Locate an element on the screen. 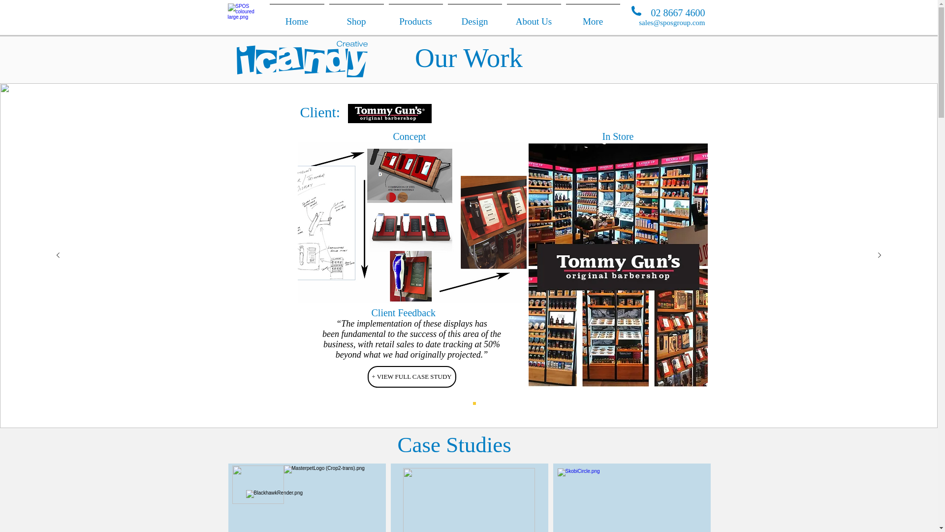 This screenshot has height=532, width=945. 'Home' is located at coordinates (296, 17).